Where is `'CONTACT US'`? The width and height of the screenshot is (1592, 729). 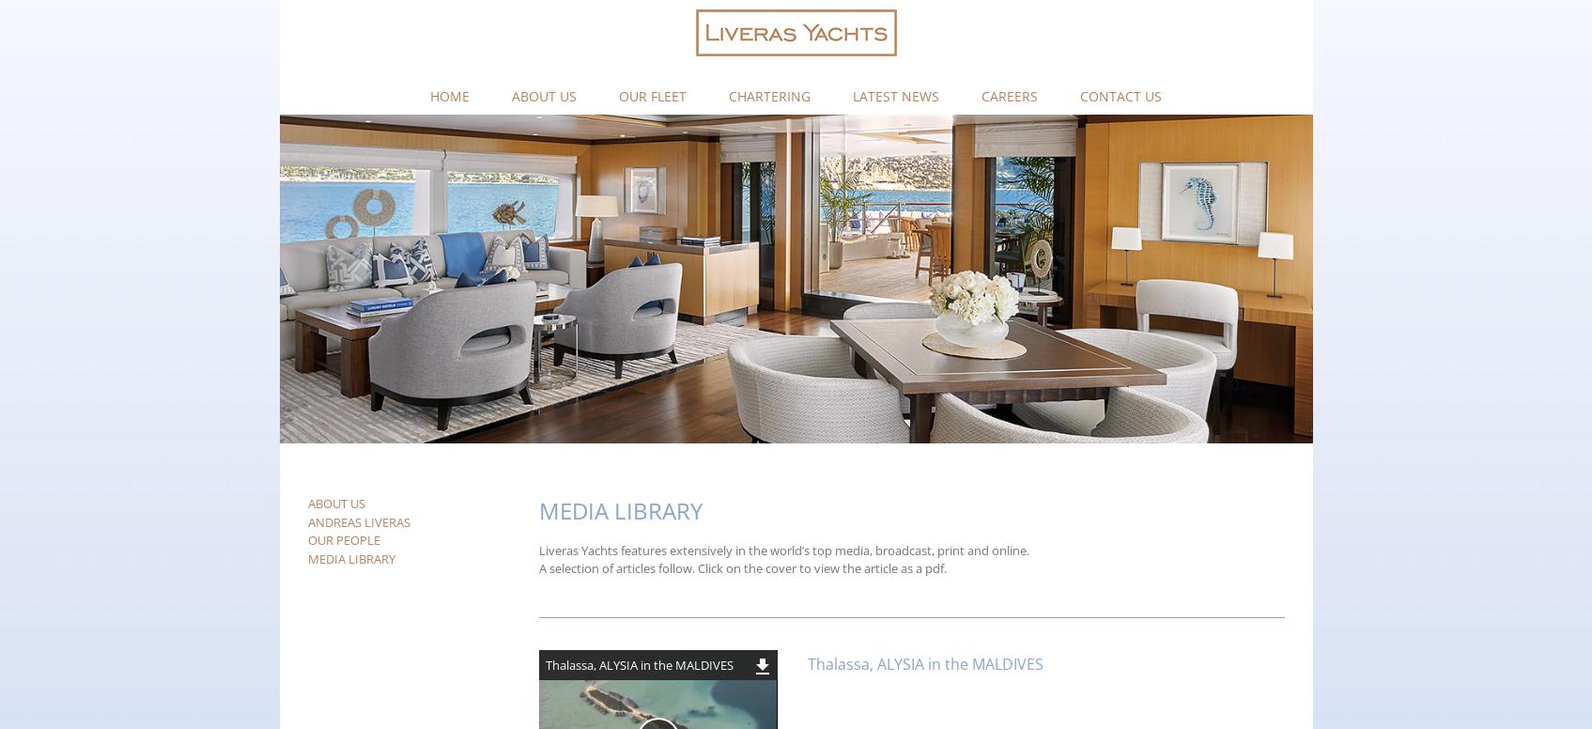
'CONTACT US' is located at coordinates (1079, 95).